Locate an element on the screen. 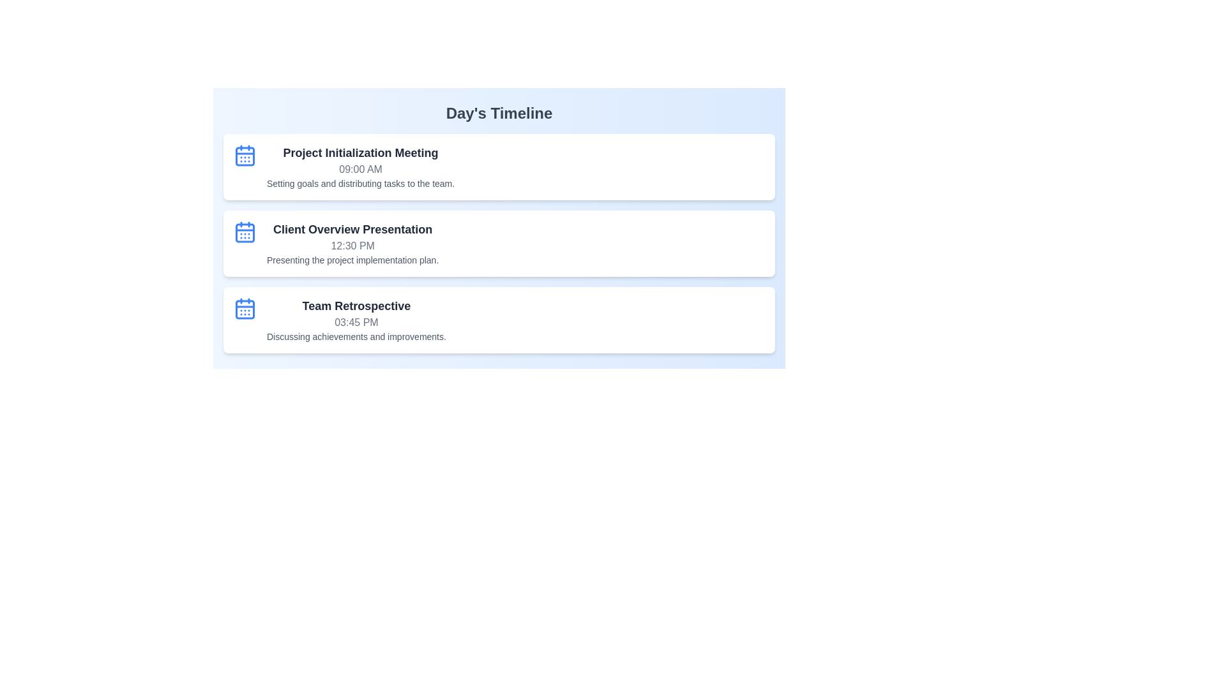  the square-shaped UI component with rounded corners located centrally within the blue calendar icon, next to the text 'Client Overview Presentation' in the second row of the interface is located at coordinates (245, 233).